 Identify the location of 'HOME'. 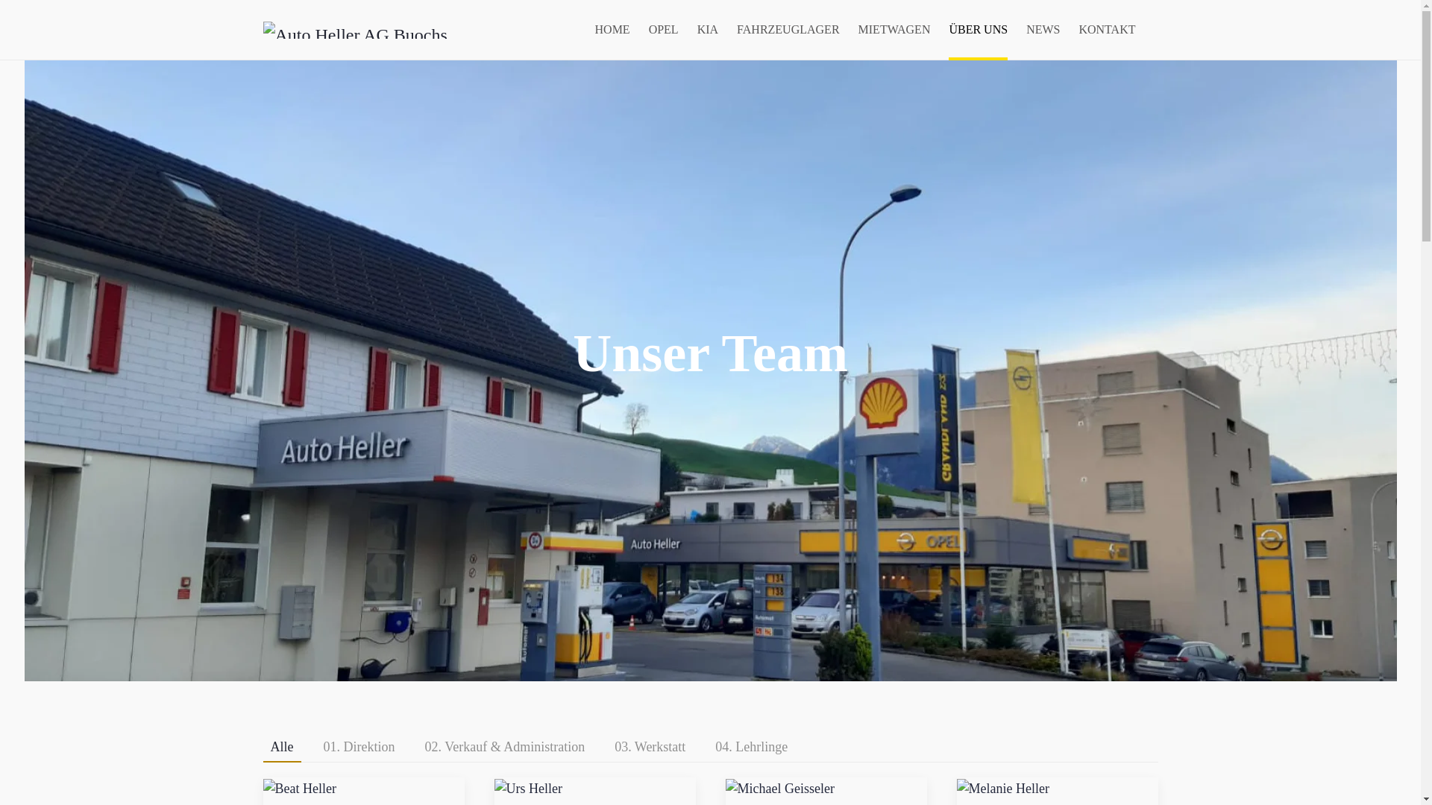
(612, 29).